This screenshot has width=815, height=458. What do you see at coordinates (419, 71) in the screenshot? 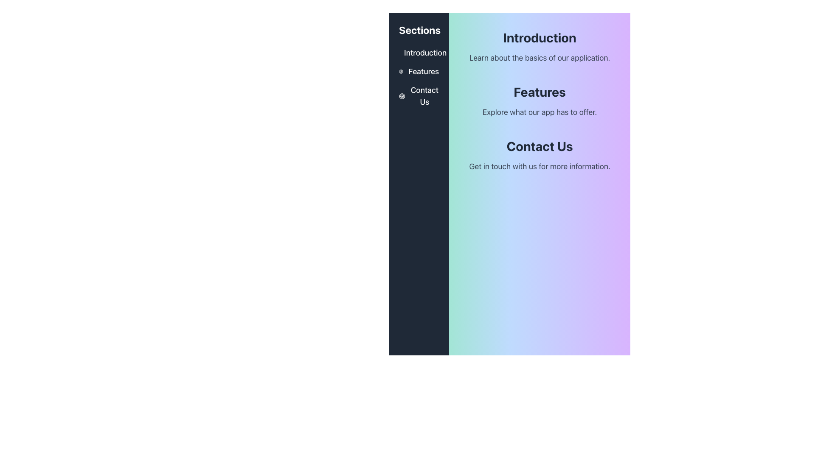
I see `the second entry in the sidebar navigation menu` at bounding box center [419, 71].